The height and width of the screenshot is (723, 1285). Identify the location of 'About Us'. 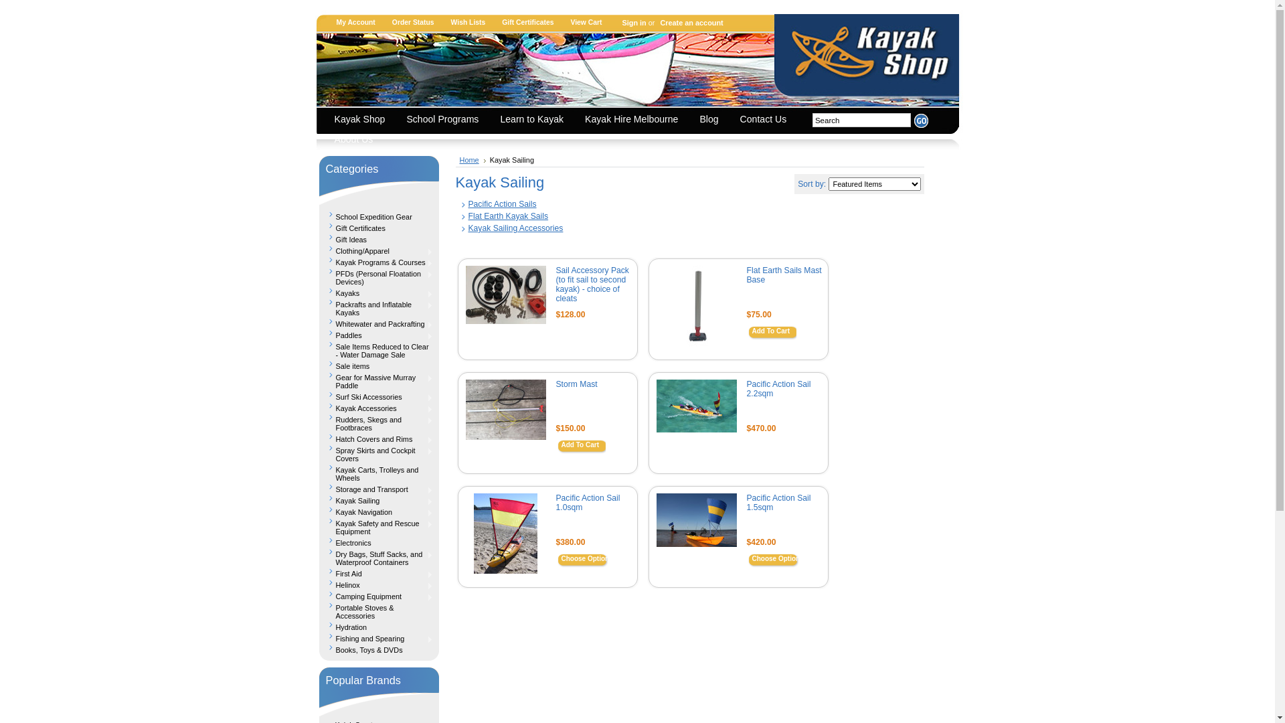
(357, 140).